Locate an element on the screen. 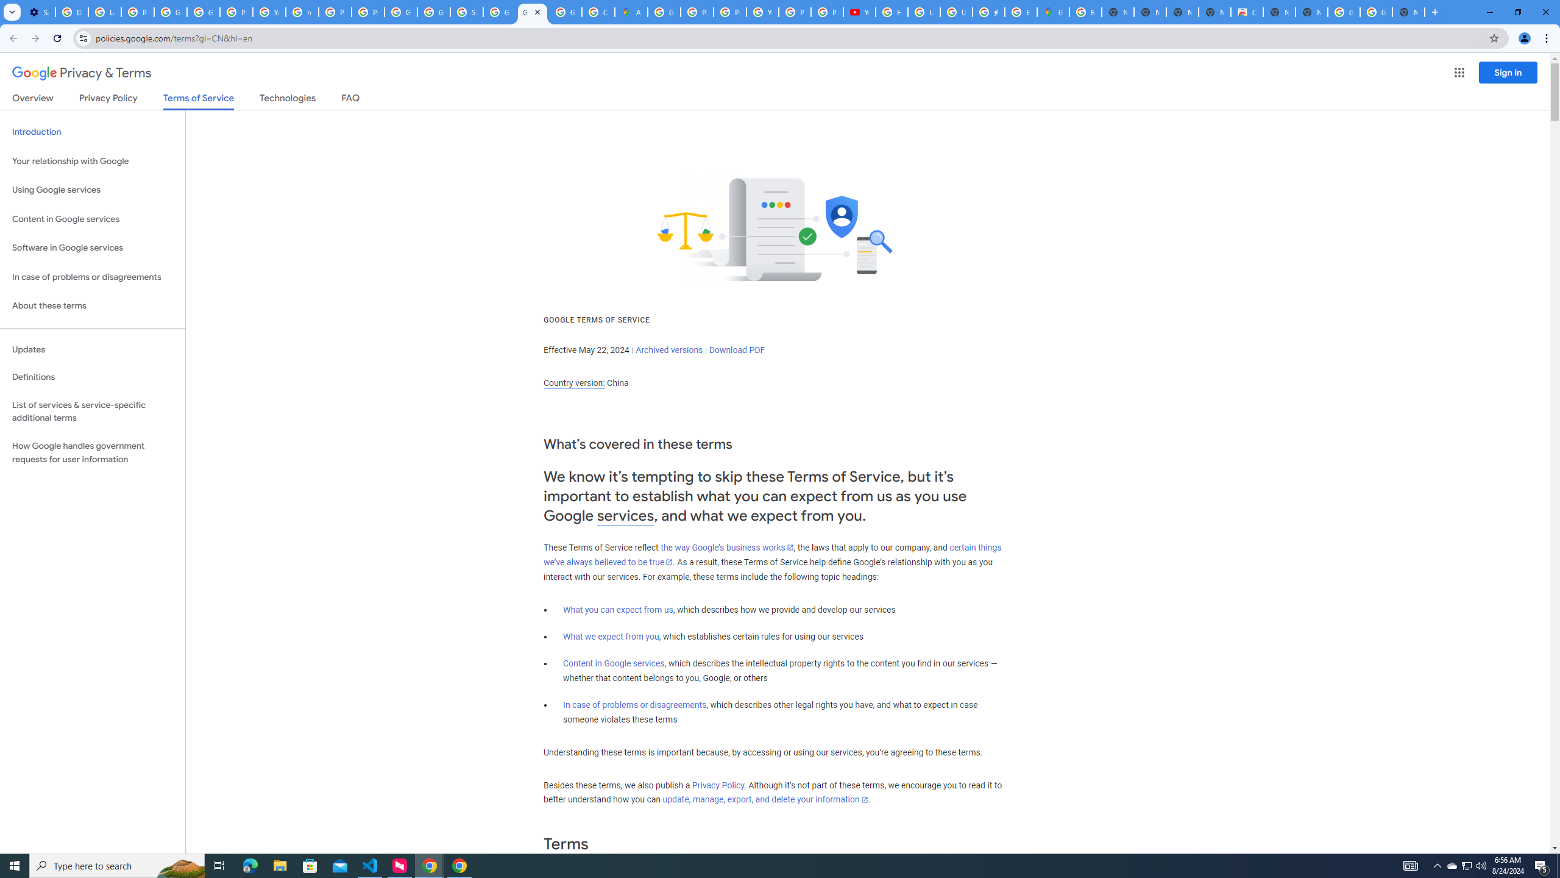 Image resolution: width=1560 pixels, height=878 pixels. 'Definitions' is located at coordinates (92, 377).